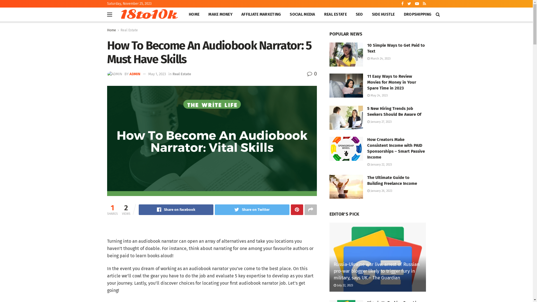 This screenshot has height=302, width=537. Describe the element at coordinates (379, 164) in the screenshot. I see `'January 22, 2023'` at that location.